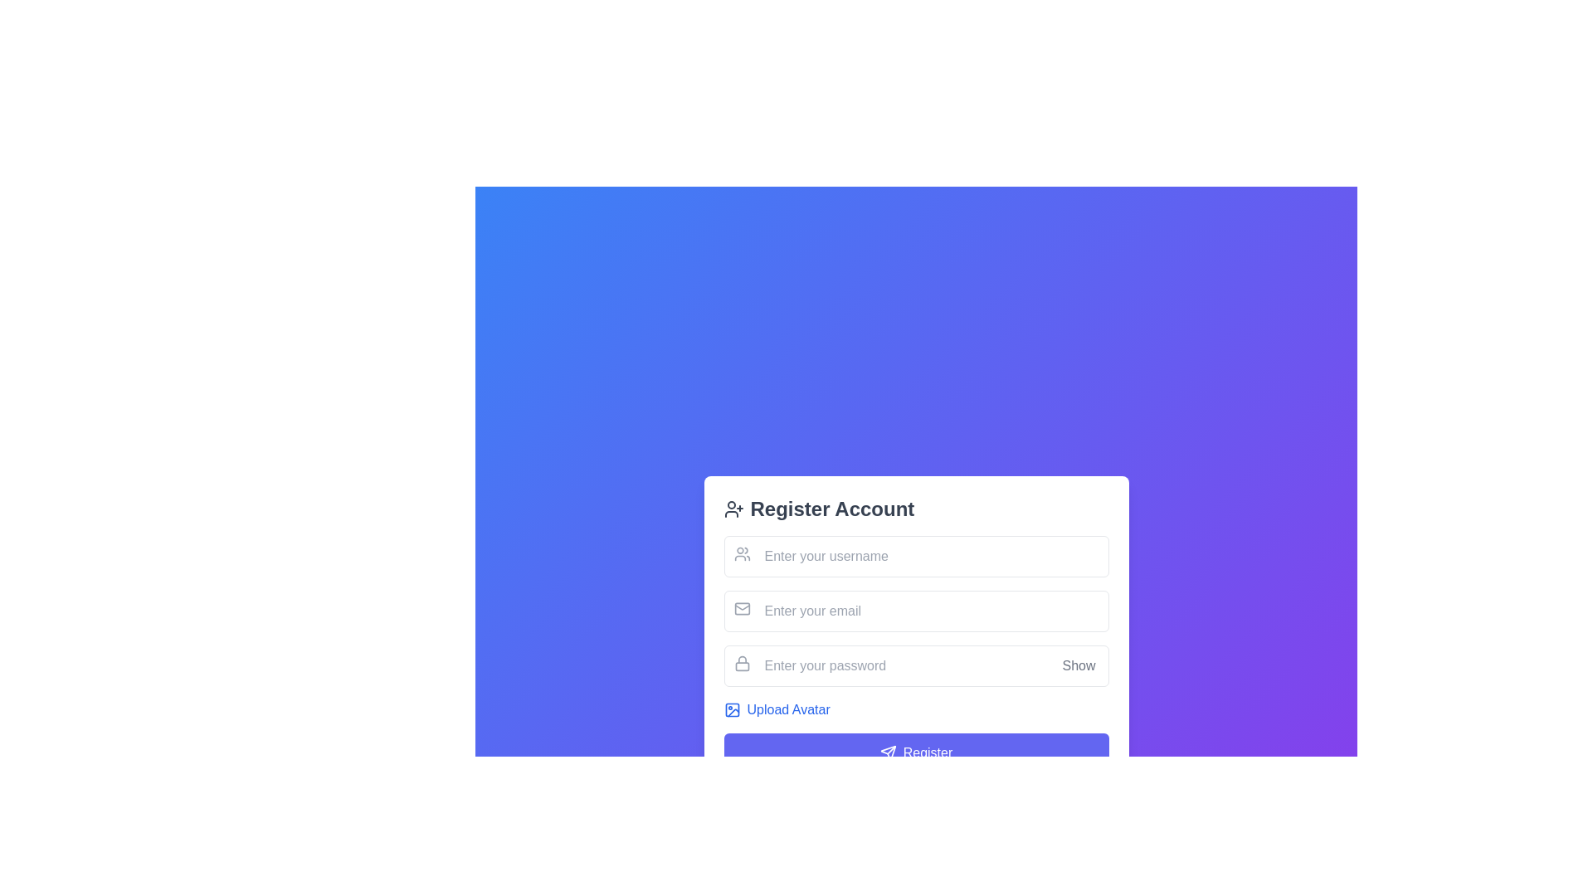 This screenshot has height=896, width=1593. What do you see at coordinates (741, 608) in the screenshot?
I see `the envelope SVG icon styled with a stroke and no fill, located inside the email input field near the 'Enter your email' label` at bounding box center [741, 608].